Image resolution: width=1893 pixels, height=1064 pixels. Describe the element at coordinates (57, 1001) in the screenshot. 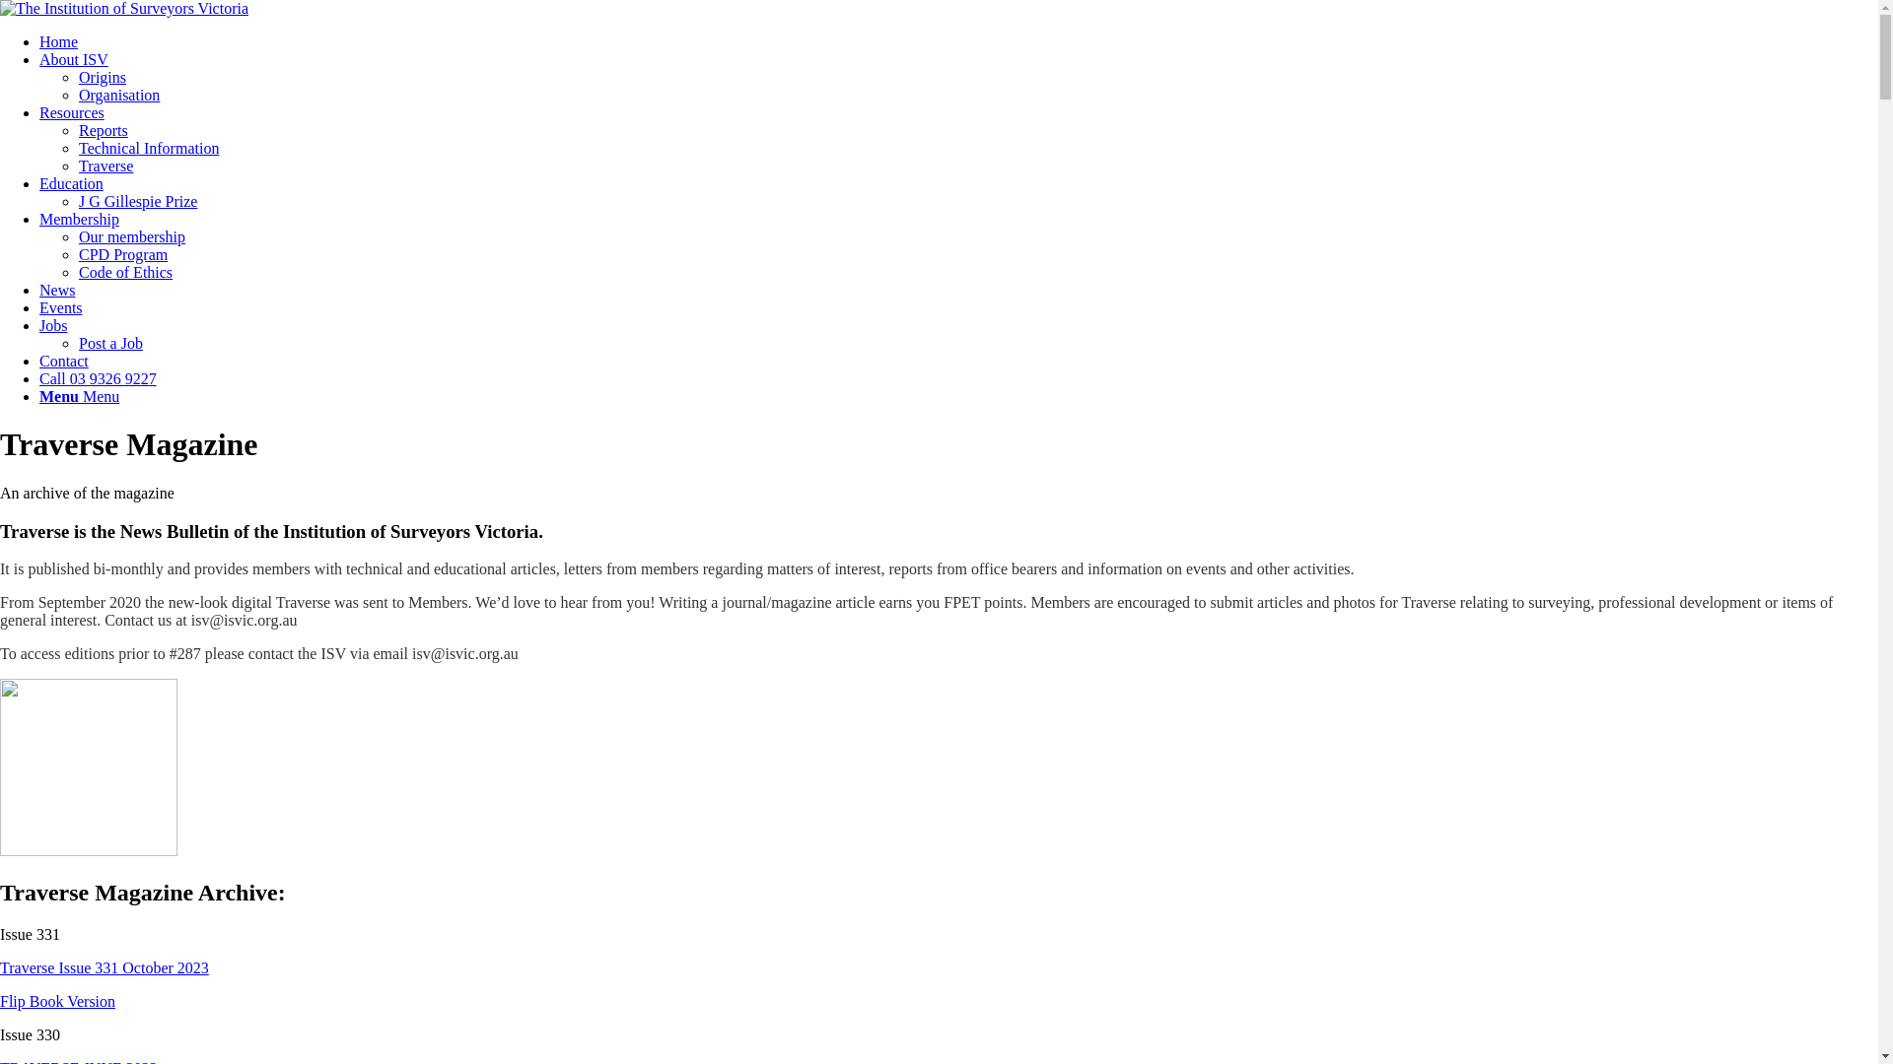

I see `'Flip Book Version'` at that location.